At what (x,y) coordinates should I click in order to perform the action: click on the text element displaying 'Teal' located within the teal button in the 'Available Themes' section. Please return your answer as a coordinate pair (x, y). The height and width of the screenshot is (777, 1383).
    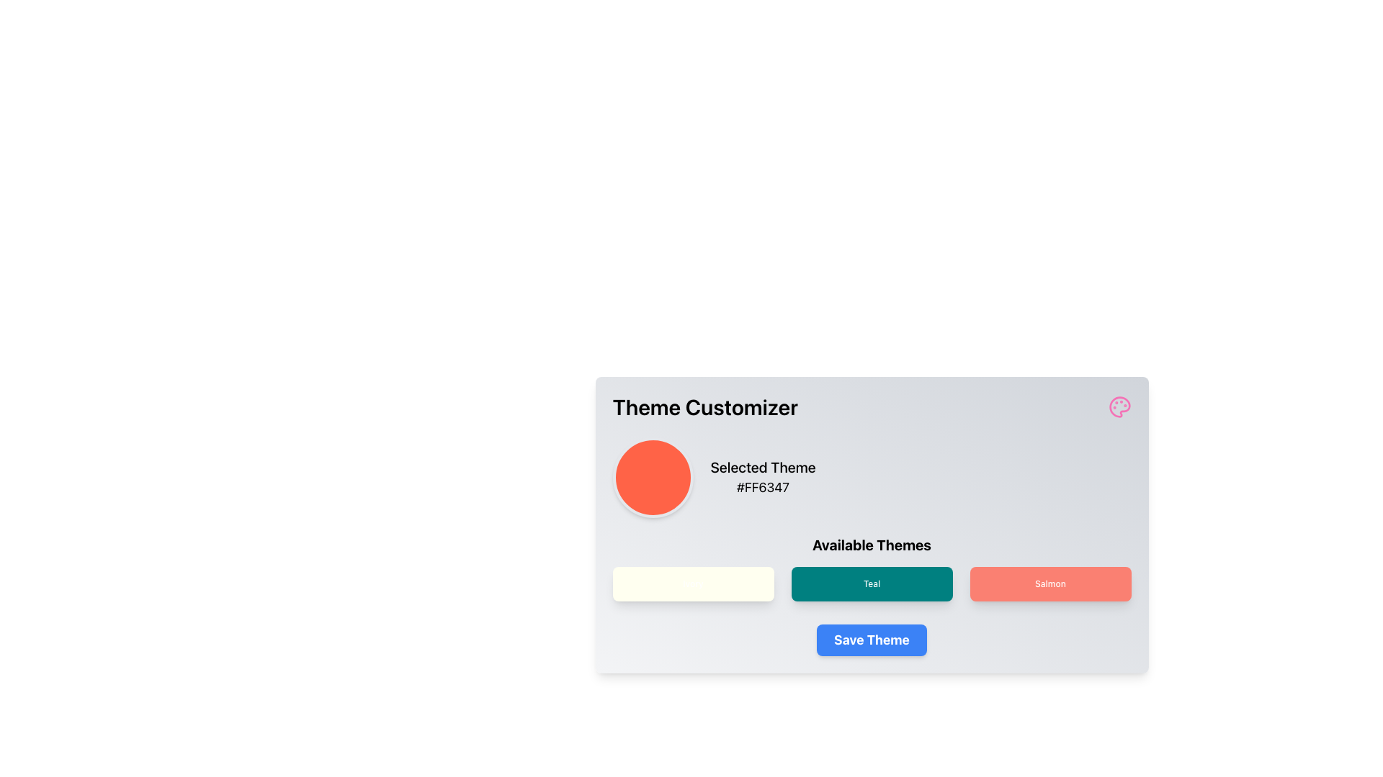
    Looking at the image, I should click on (871, 584).